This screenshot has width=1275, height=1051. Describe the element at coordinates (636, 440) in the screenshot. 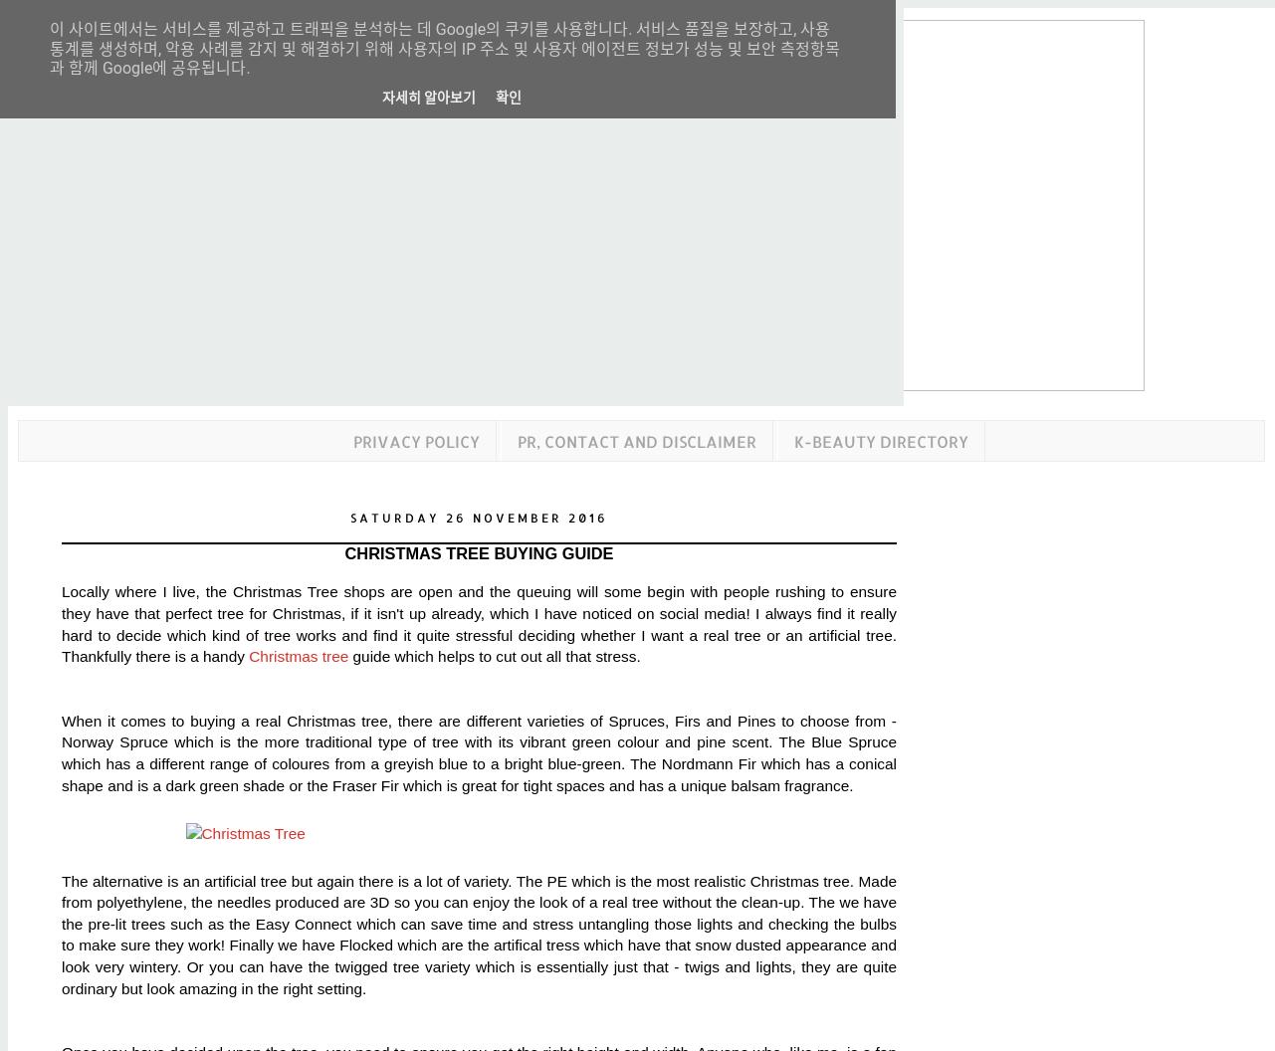

I see `'PR, Contact and Disclaimer'` at that location.